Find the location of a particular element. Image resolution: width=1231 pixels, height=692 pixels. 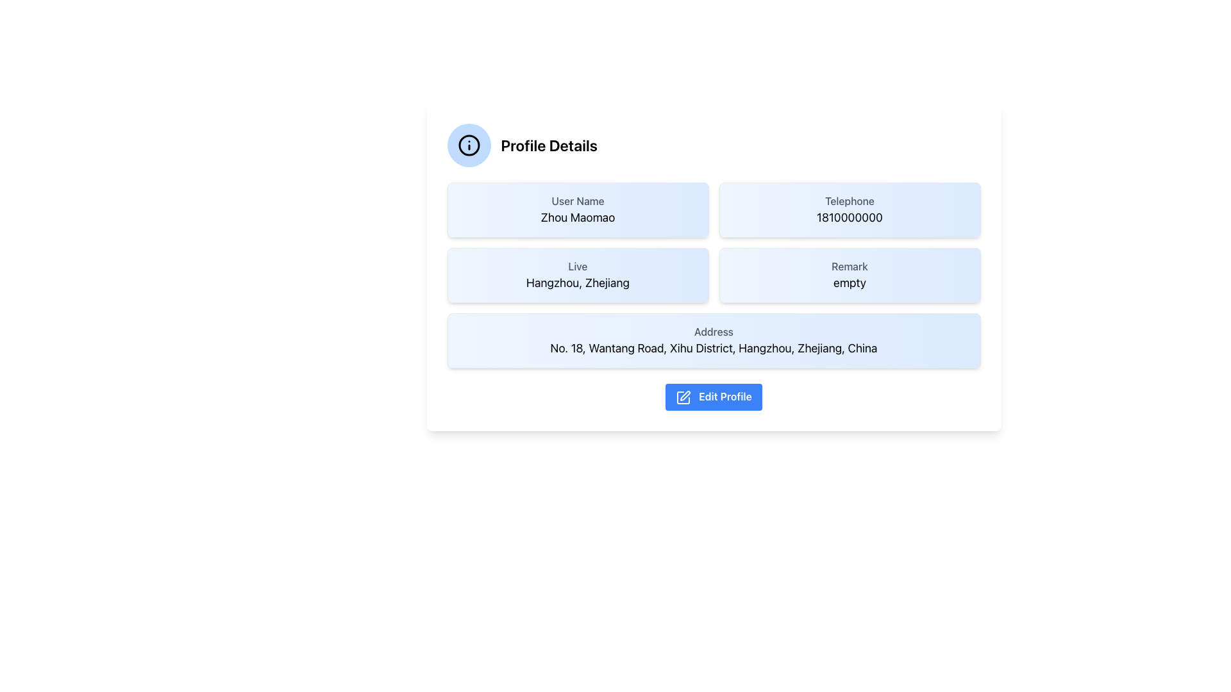

the telephone number displayed in the static text label located to the right of the 'Telephone' label in the 'Profile Details' section is located at coordinates (850, 217).